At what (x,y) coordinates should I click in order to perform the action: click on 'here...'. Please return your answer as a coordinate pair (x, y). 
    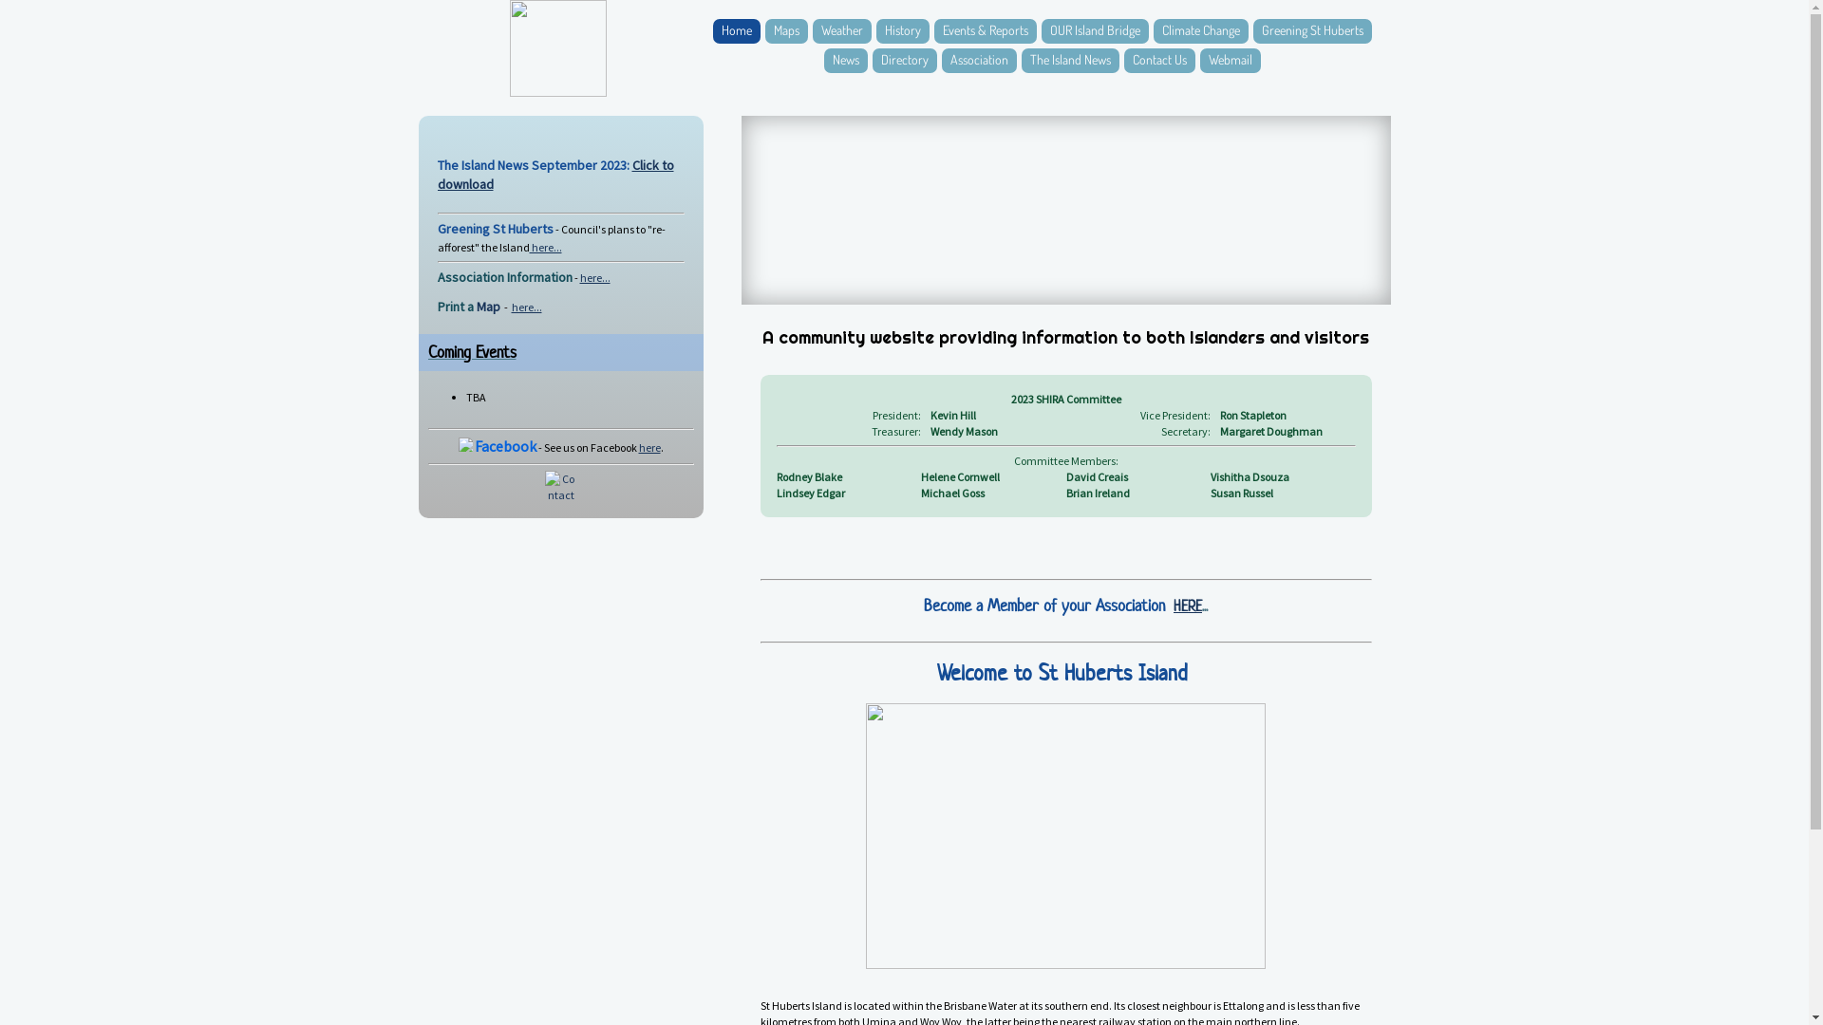
    Looking at the image, I should click on (525, 306).